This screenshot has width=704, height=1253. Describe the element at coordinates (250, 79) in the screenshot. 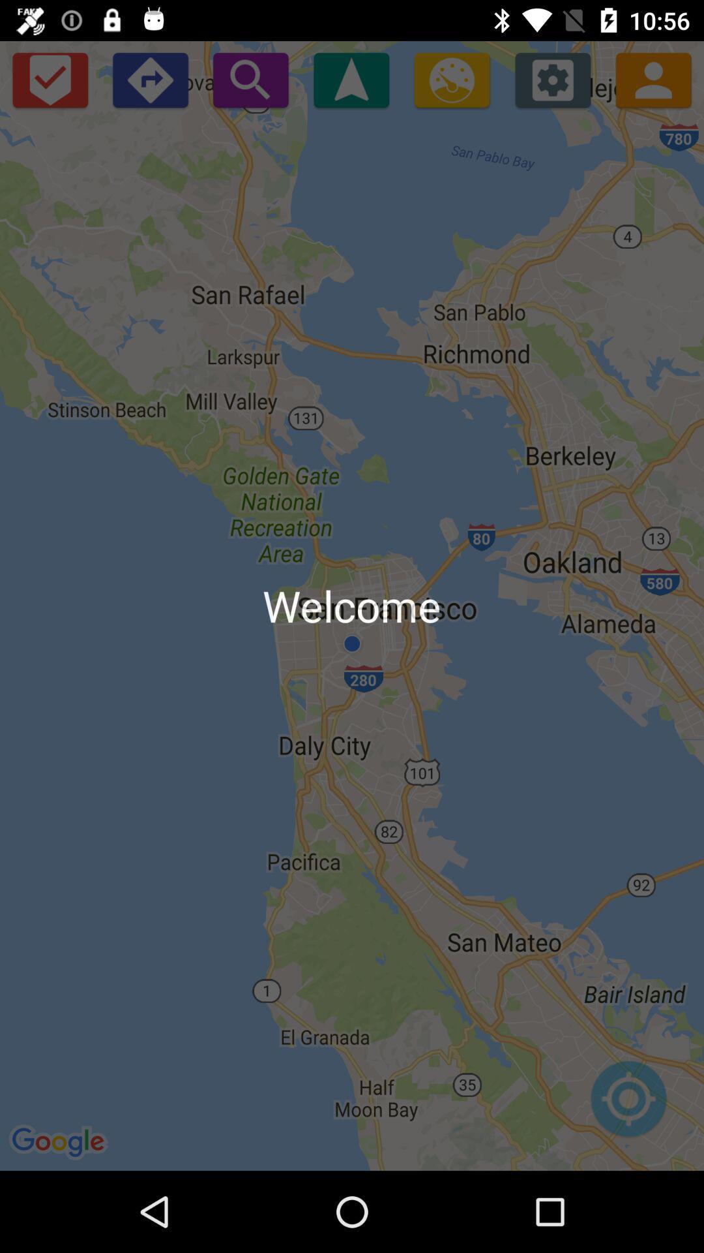

I see `search` at that location.